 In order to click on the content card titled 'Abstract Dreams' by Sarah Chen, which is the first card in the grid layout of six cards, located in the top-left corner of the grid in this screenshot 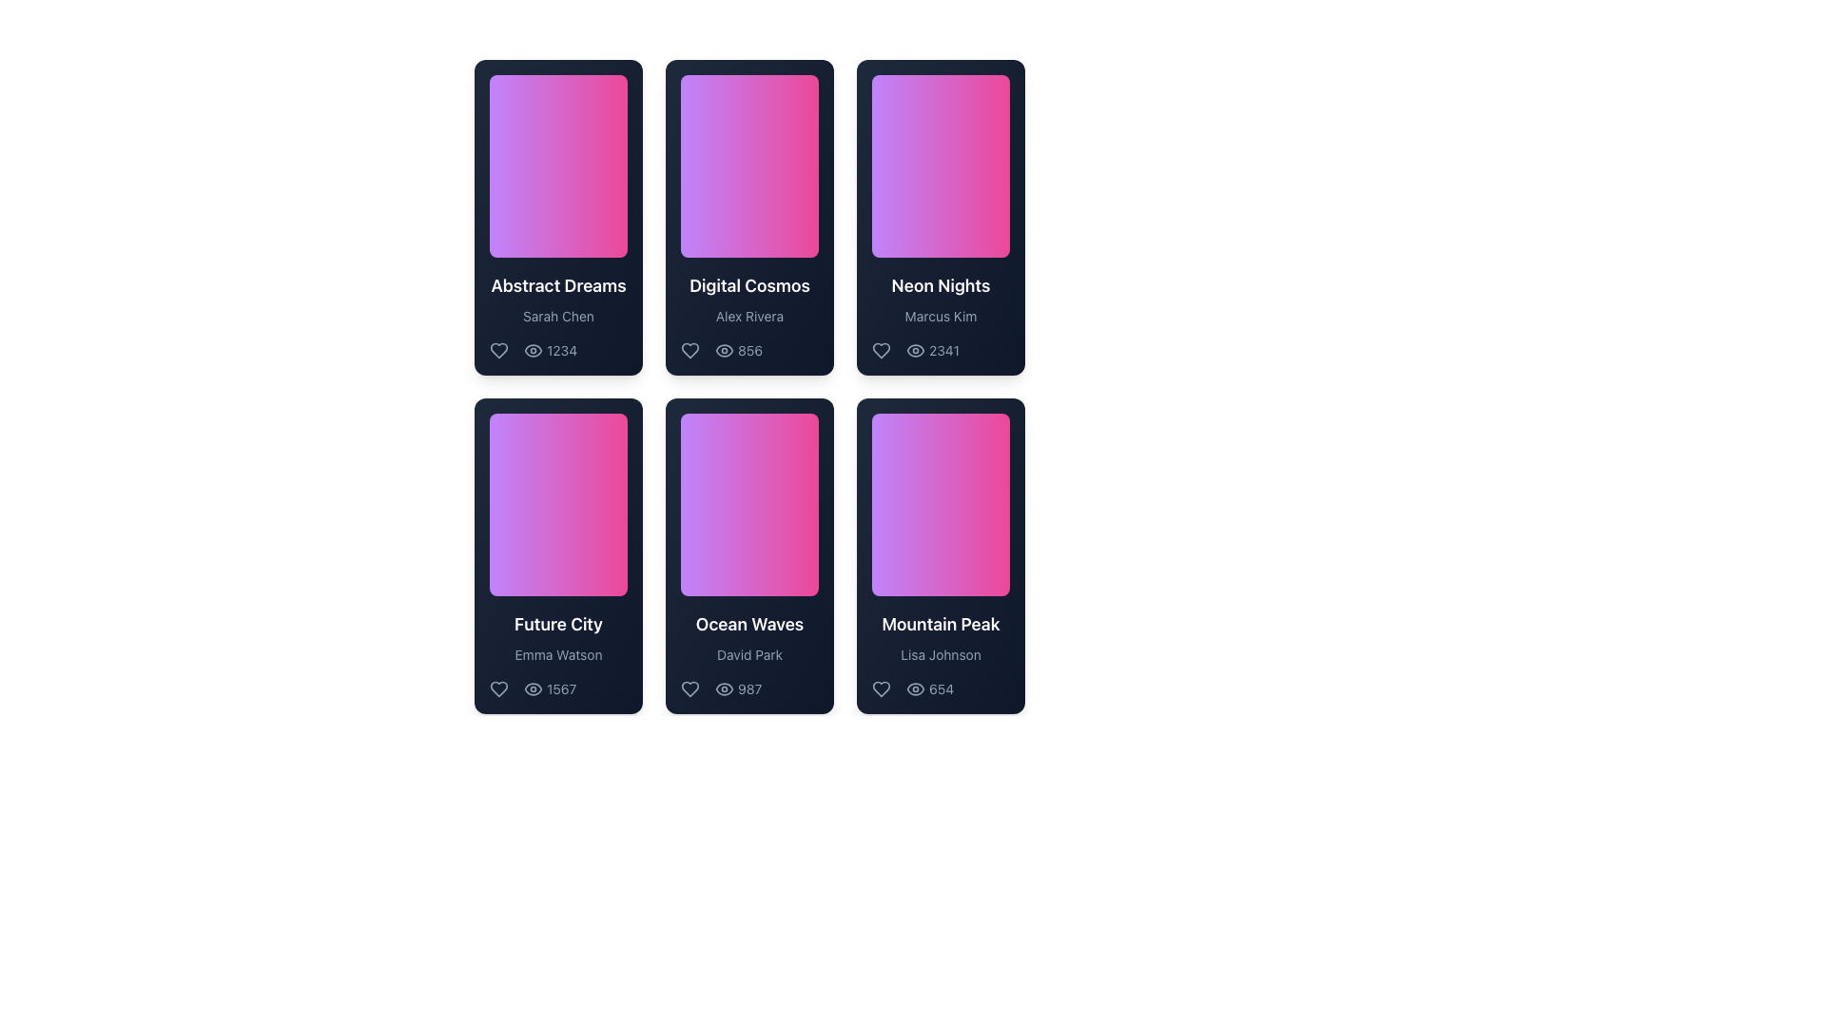, I will do `click(557, 216)`.